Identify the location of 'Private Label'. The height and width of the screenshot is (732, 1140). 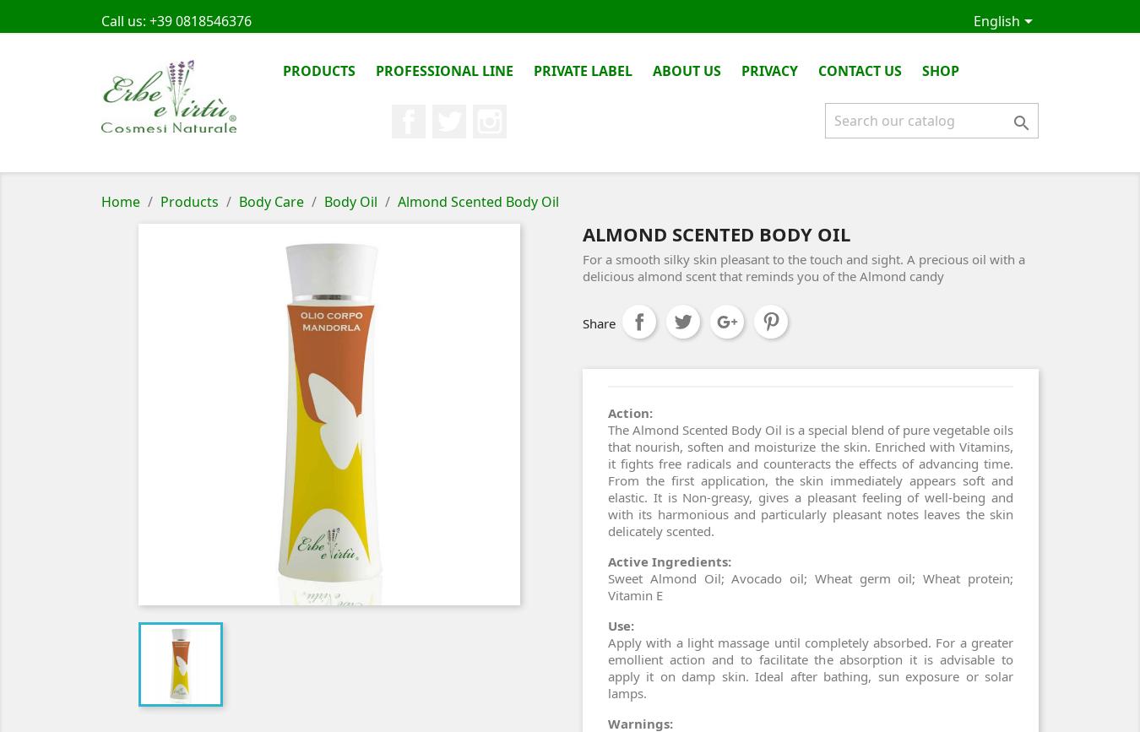
(582, 71).